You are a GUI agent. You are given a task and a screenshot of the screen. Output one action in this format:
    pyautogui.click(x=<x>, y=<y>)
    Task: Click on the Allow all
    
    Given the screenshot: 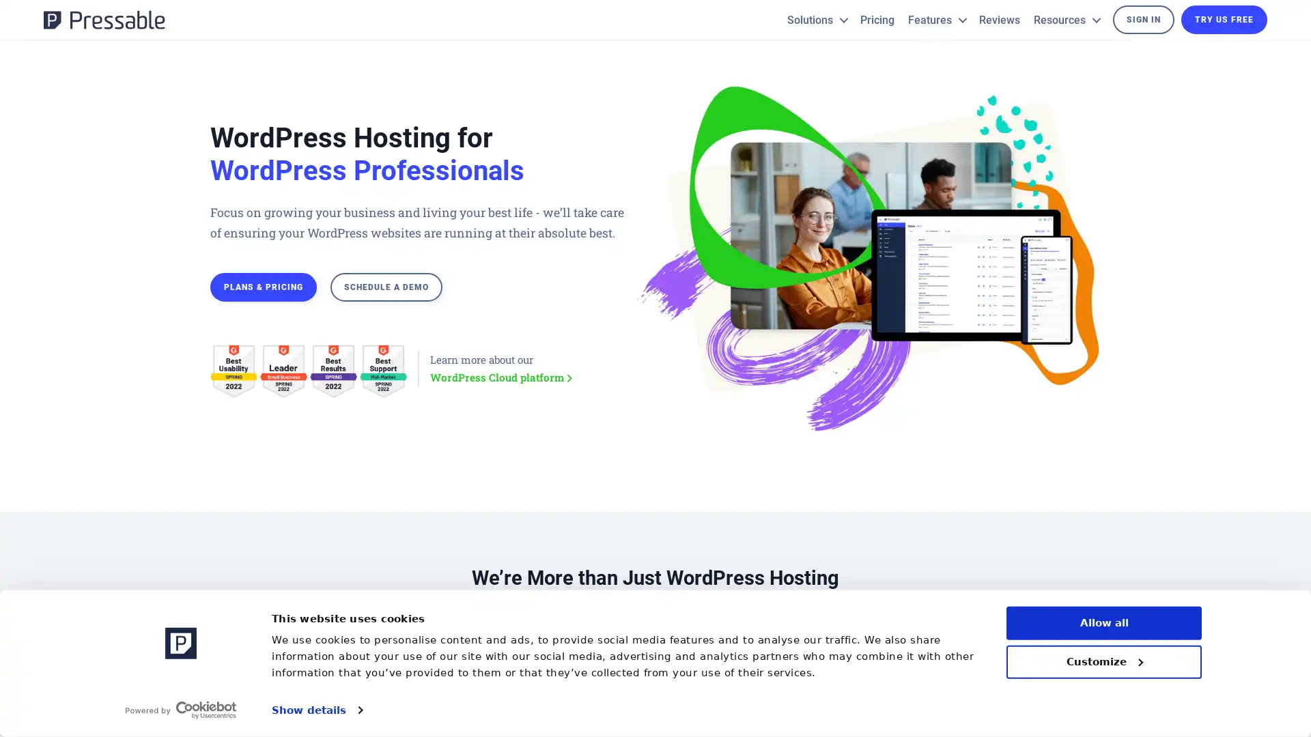 What is the action you would take?
    pyautogui.click(x=1104, y=622)
    